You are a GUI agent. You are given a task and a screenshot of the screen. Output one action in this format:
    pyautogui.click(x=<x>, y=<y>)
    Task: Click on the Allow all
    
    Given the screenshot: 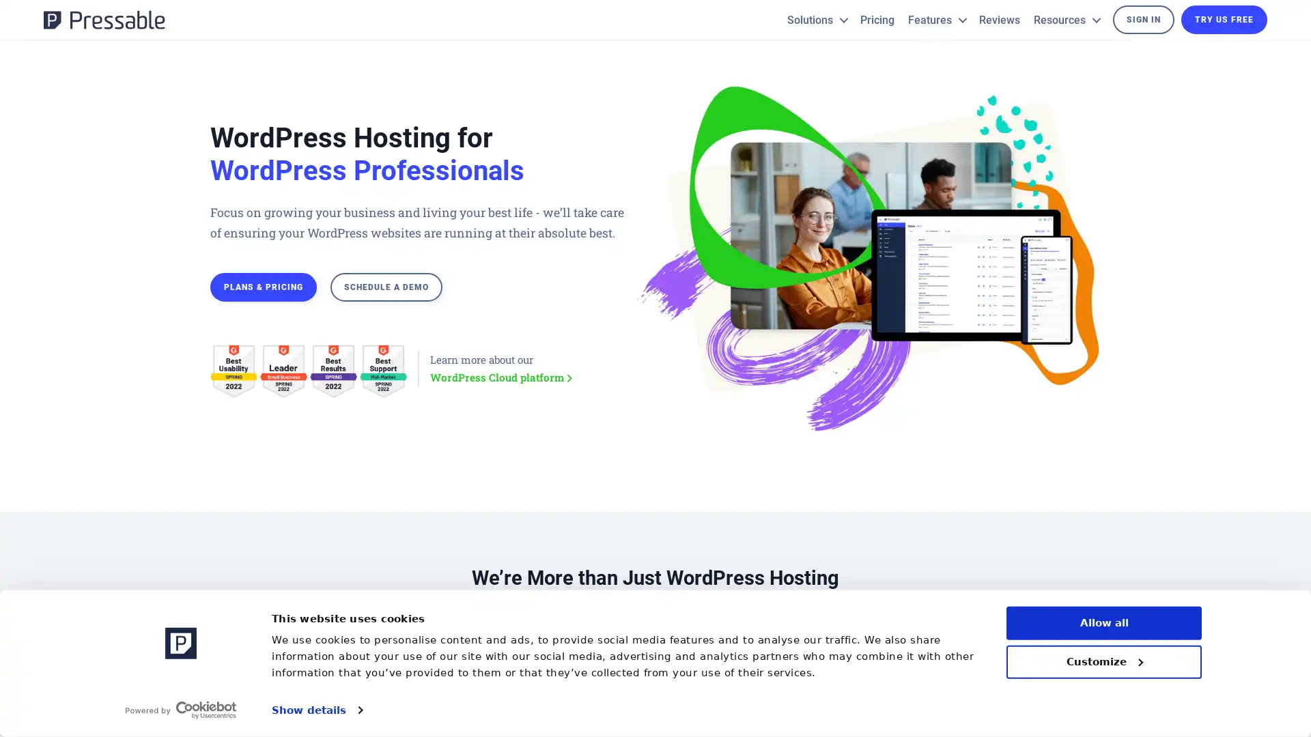 What is the action you would take?
    pyautogui.click(x=1104, y=622)
    